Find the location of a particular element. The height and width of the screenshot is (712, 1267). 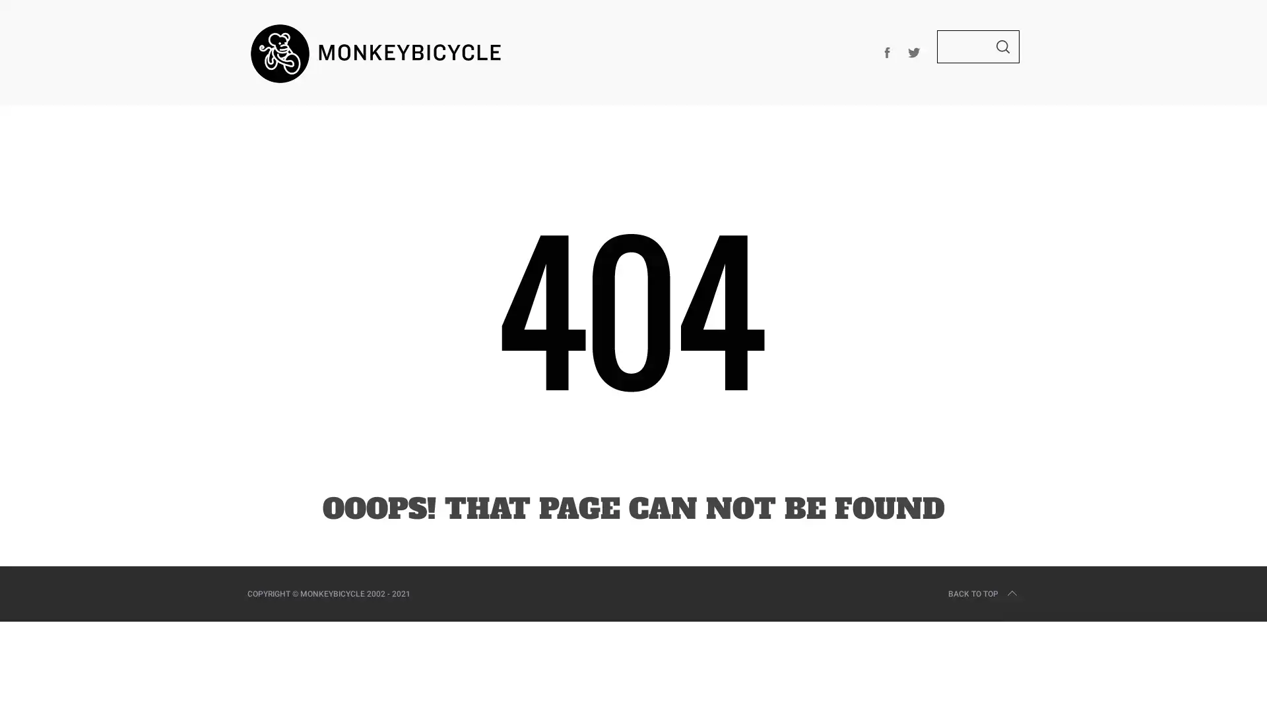

SEARCH is located at coordinates (1003, 45).